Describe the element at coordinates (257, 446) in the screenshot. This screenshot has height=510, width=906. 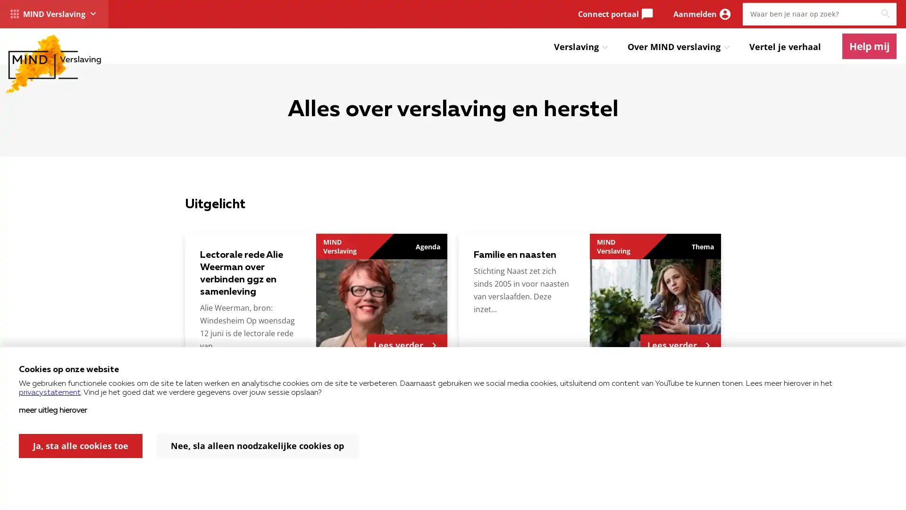
I see `Nee, sla alleen noodzakelijke cookies op` at that location.